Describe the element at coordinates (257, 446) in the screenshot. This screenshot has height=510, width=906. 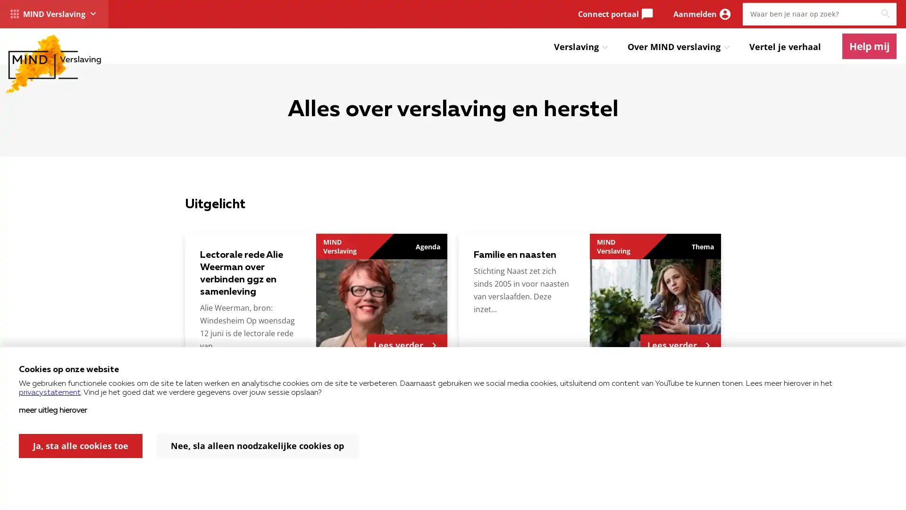
I see `Nee, sla alleen noodzakelijke cookies op` at that location.